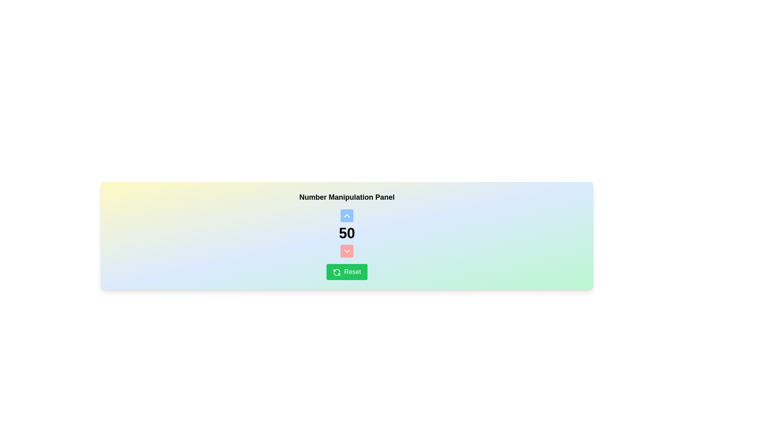 This screenshot has width=772, height=434. I want to click on the small upward-pointing chevron icon button with a white outline and circular blue background located above the number '50' display in the 'Number Manipulation Panel', so click(347, 215).